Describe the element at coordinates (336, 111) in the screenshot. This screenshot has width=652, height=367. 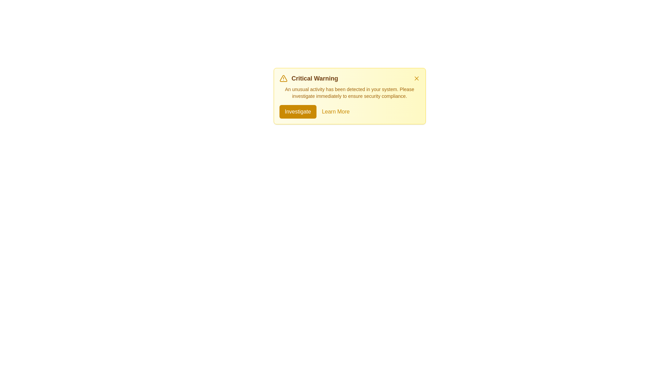
I see `the 'Learn More' button to access additional information about the alert` at that location.